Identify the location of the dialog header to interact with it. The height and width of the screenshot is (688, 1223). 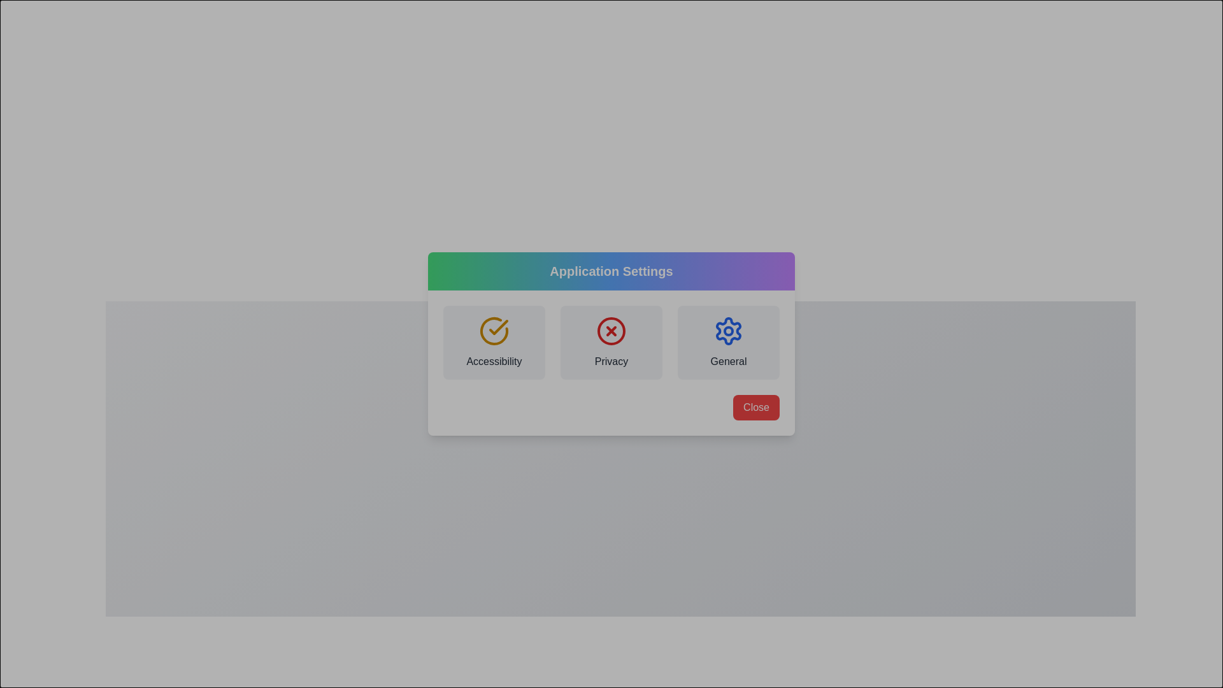
(620, 285).